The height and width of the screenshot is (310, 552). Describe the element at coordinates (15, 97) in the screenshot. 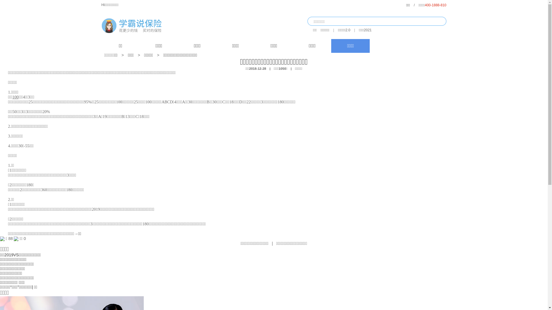

I see `'100'` at that location.